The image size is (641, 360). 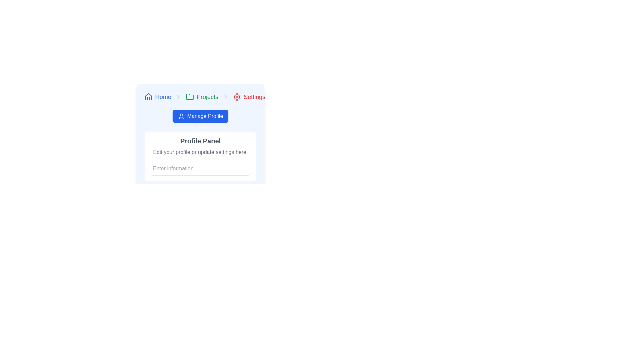 I want to click on the door icon of the house representation located at the top-left corner of the interface, so click(x=148, y=98).